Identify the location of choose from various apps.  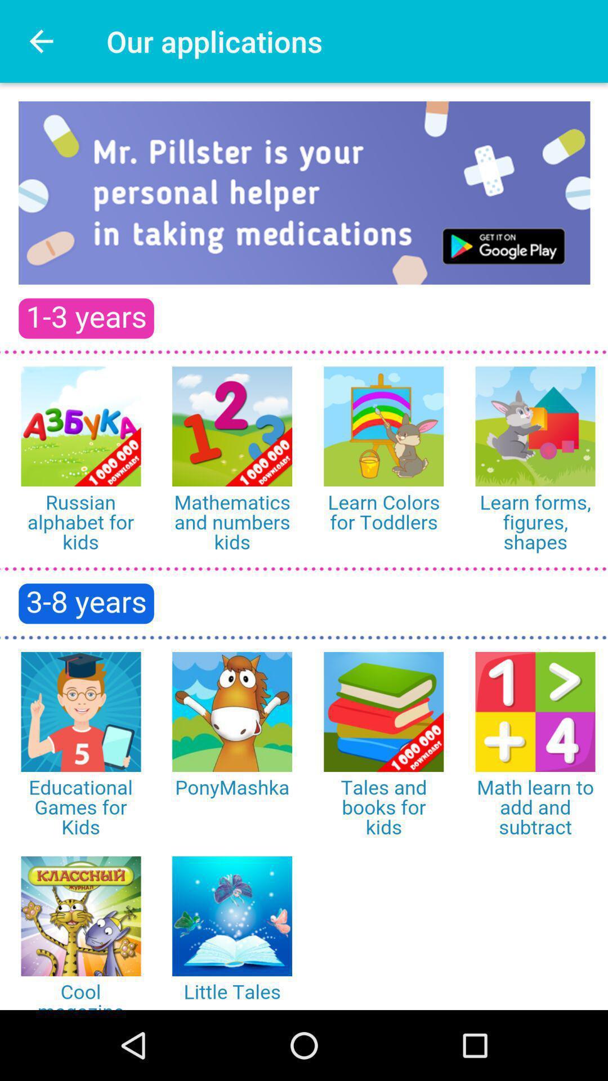
(304, 546).